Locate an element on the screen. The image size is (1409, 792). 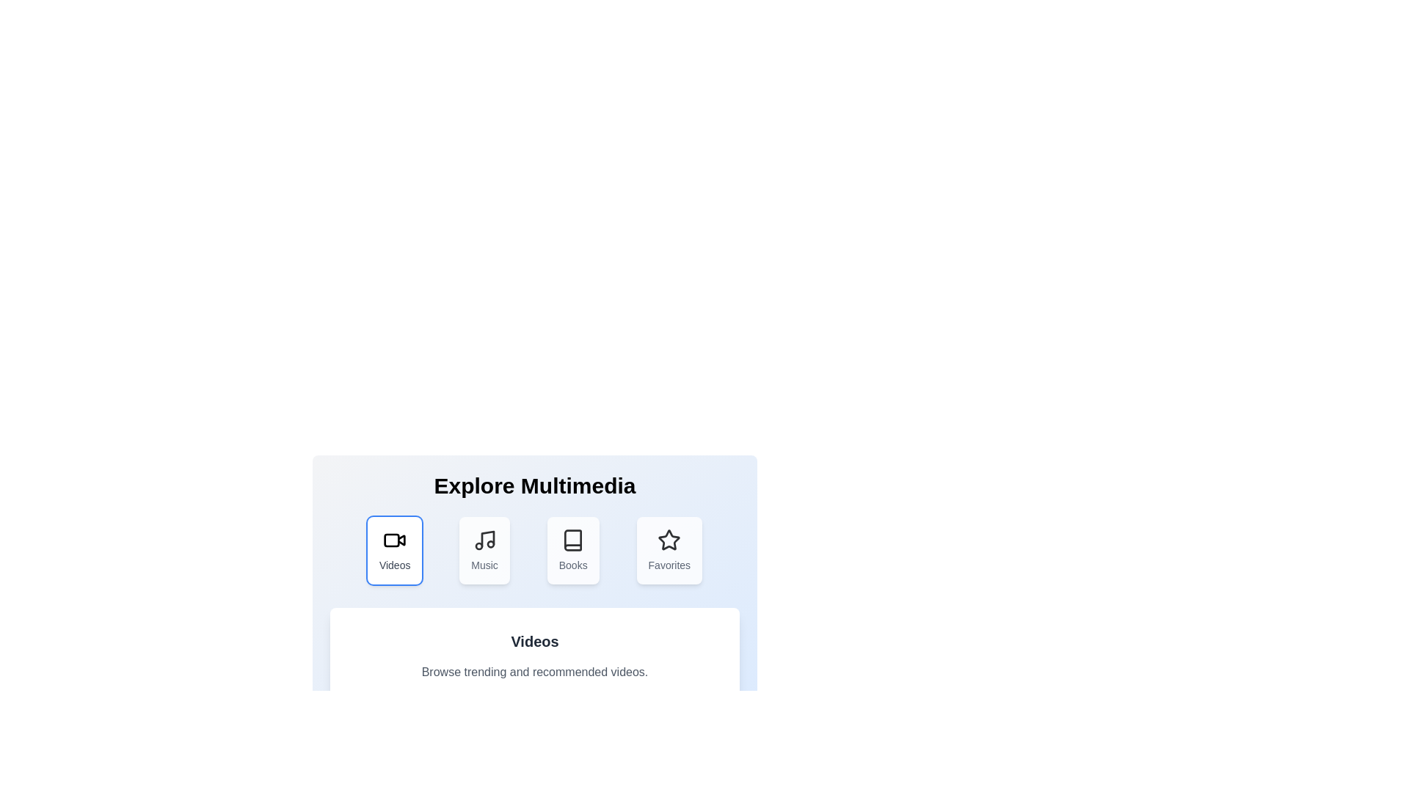
the tab labeled Videos to view its content is located at coordinates (394, 551).